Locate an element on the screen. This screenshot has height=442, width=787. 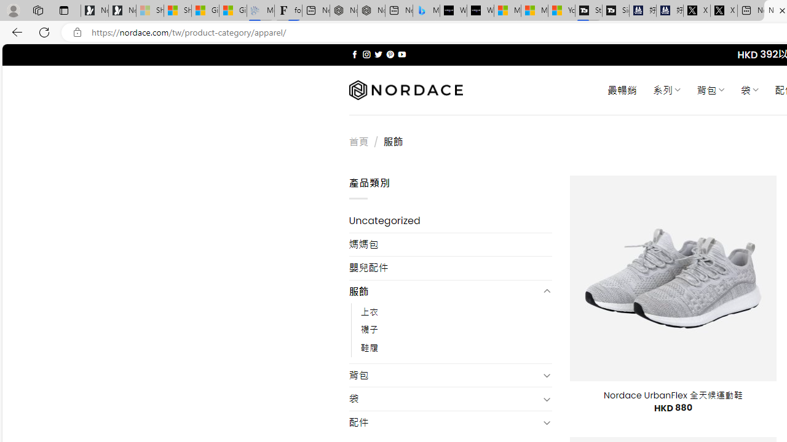
'Follow on Facebook' is located at coordinates (354, 54).